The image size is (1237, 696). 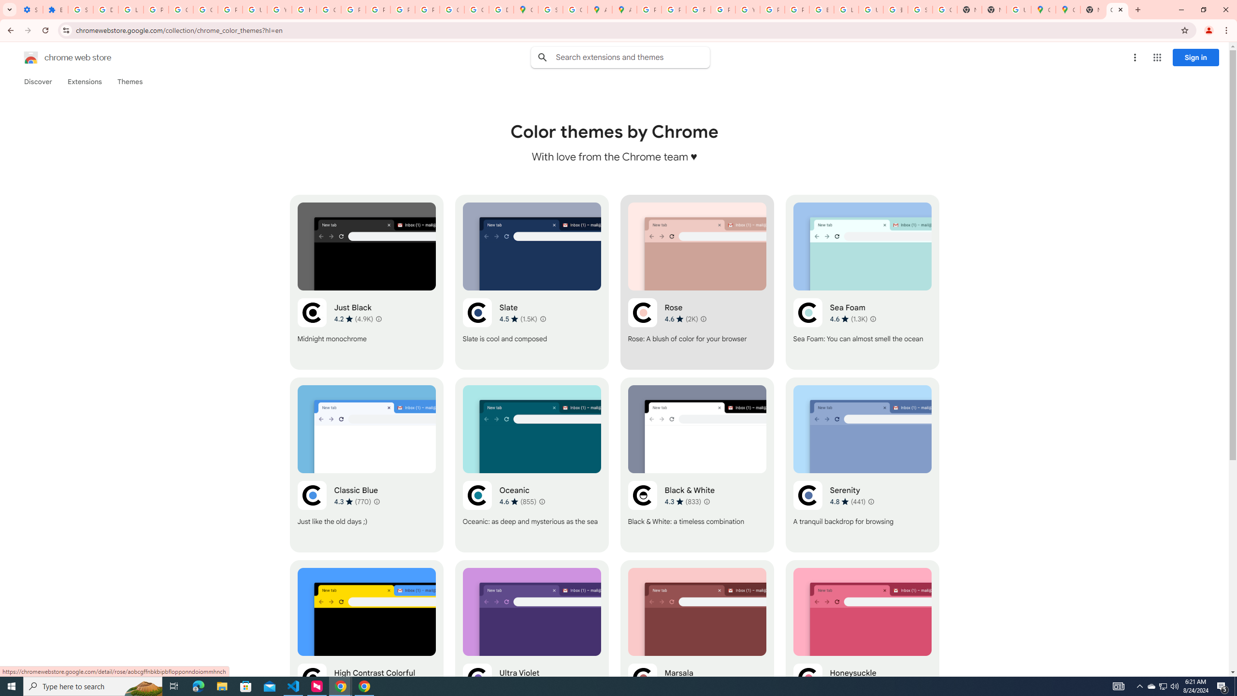 I want to click on 'Average rating 4.6 out of 5 stars. 1.3K ratings.', so click(x=849, y=319).